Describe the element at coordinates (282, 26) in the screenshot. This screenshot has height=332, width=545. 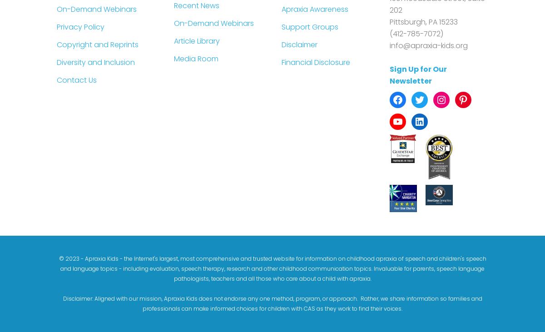
I see `'Support Groups'` at that location.